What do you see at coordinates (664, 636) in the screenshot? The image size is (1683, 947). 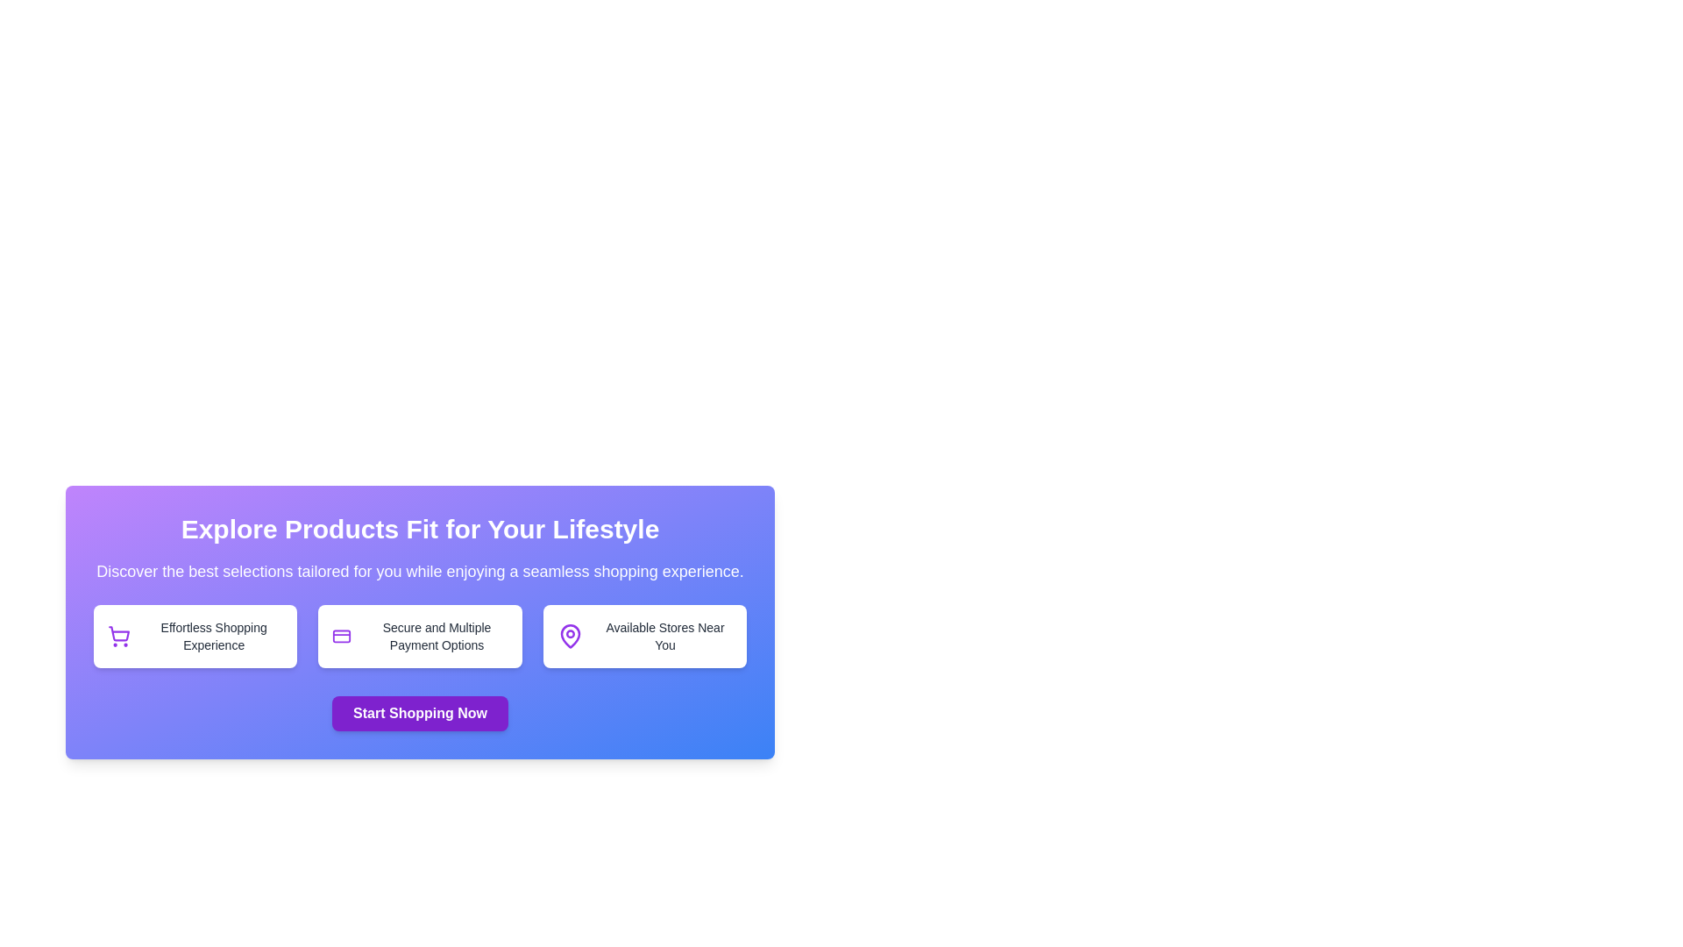 I see `the text label displaying 'Available Stores Near You', which is centrally aligned within a rounded rectangular card and located under the purple location pin icon` at bounding box center [664, 636].